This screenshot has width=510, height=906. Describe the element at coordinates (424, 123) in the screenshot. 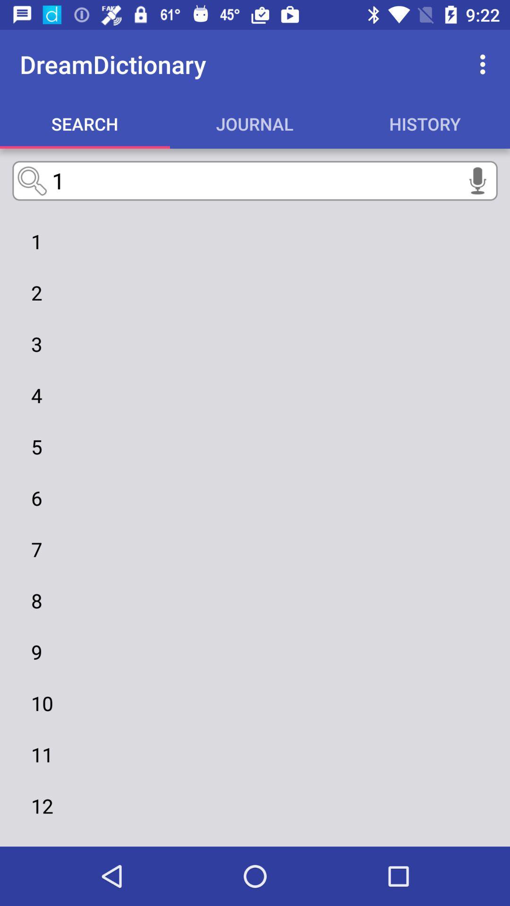

I see `the text right to the journal` at that location.